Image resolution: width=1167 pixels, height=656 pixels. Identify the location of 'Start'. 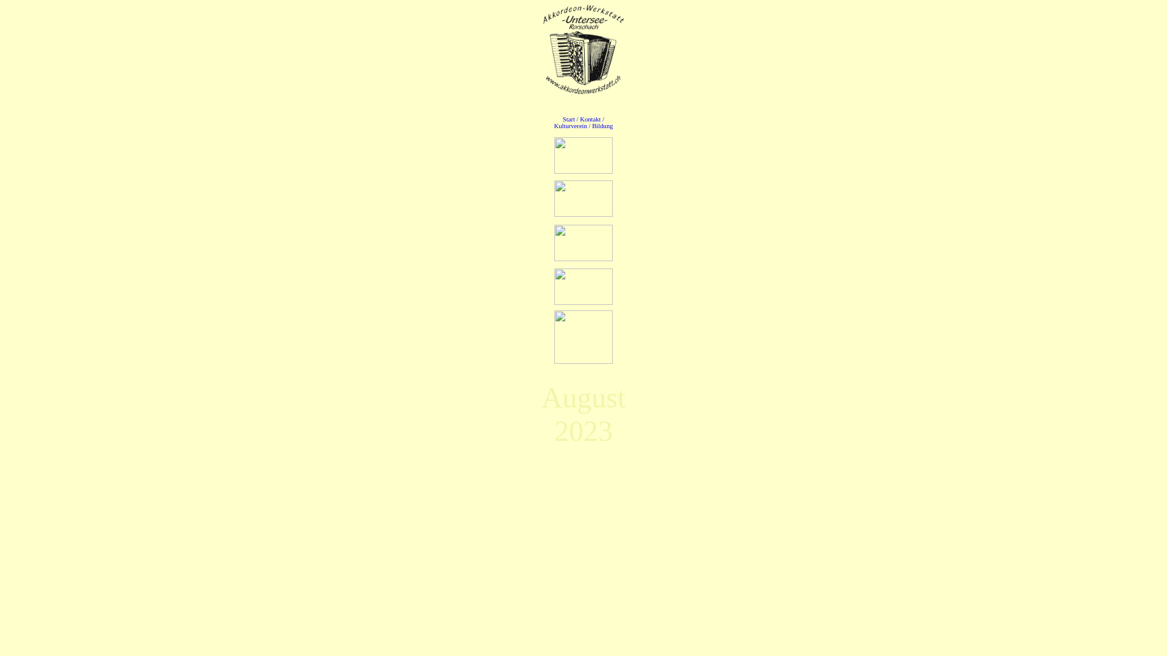
(562, 119).